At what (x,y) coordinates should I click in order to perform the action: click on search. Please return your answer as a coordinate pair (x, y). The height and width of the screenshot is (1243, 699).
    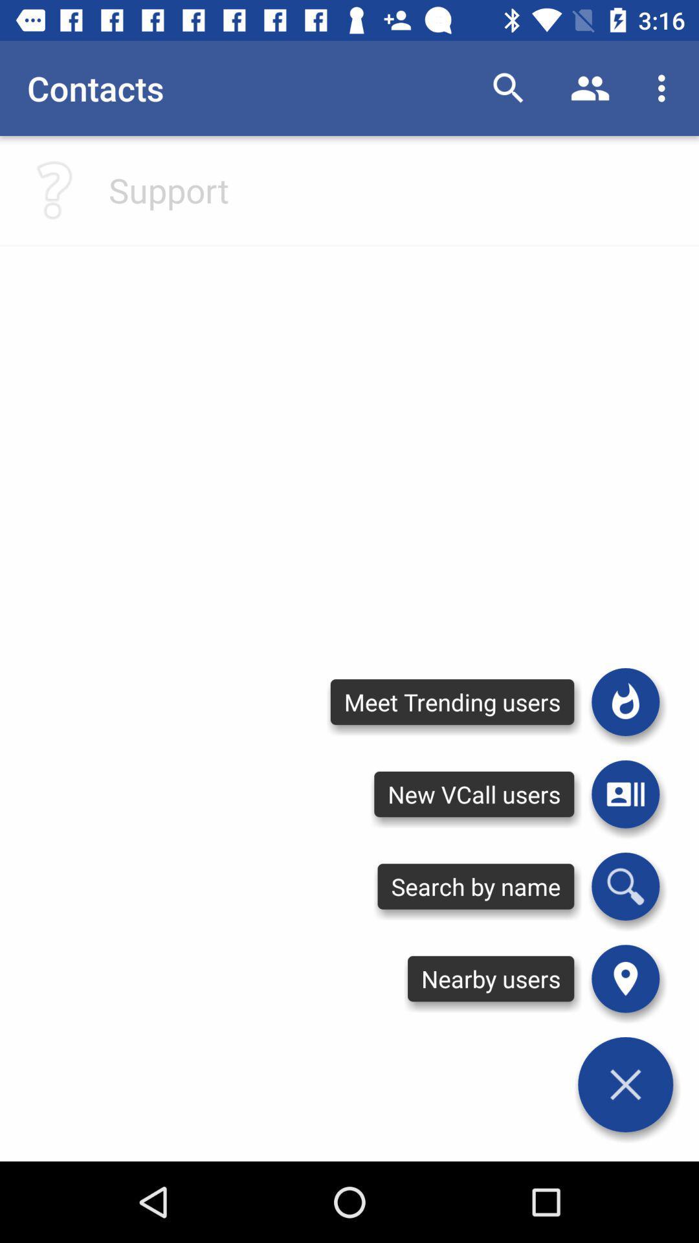
    Looking at the image, I should click on (625, 886).